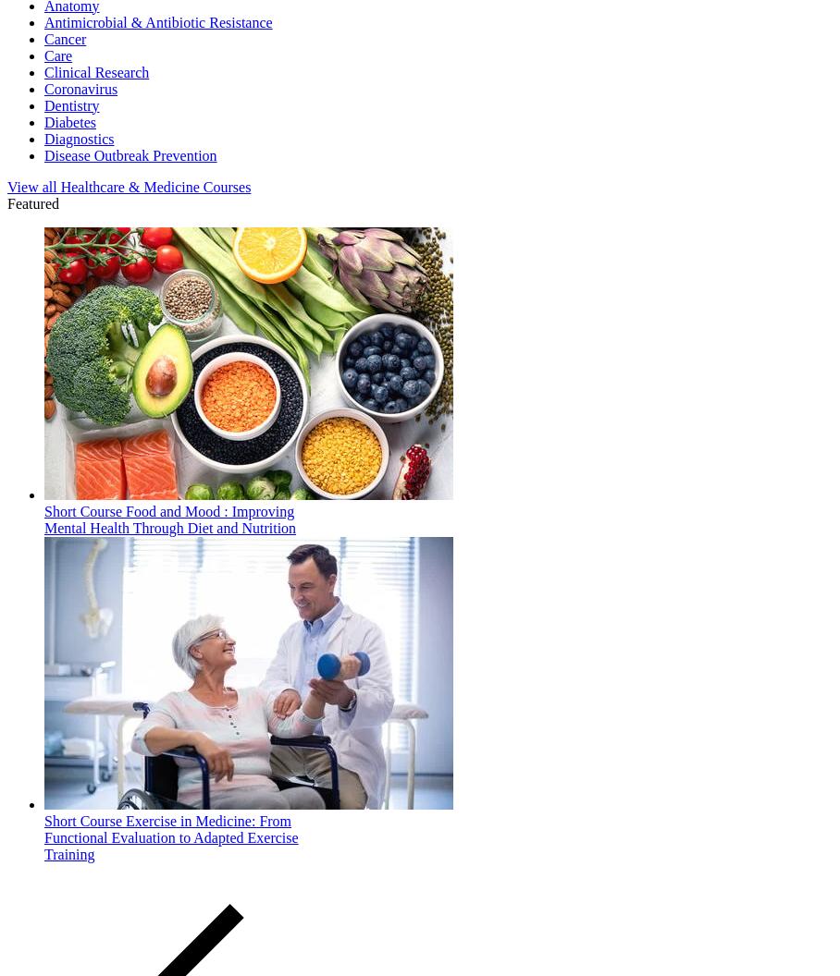  Describe the element at coordinates (156, 21) in the screenshot. I see `'Antimicrobial & Antibiotic Resistance'` at that location.